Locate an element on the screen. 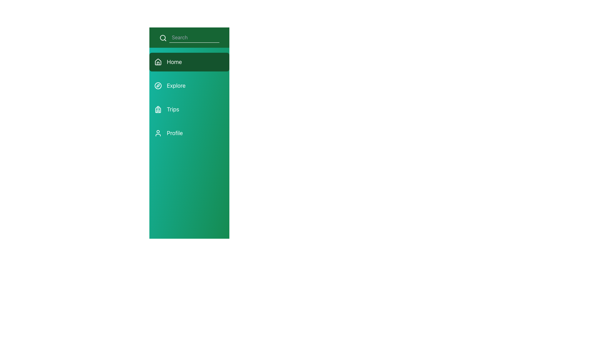 The width and height of the screenshot is (600, 337). the 'Explore' button, which is the second item in the vertical menu list is located at coordinates (189, 97).